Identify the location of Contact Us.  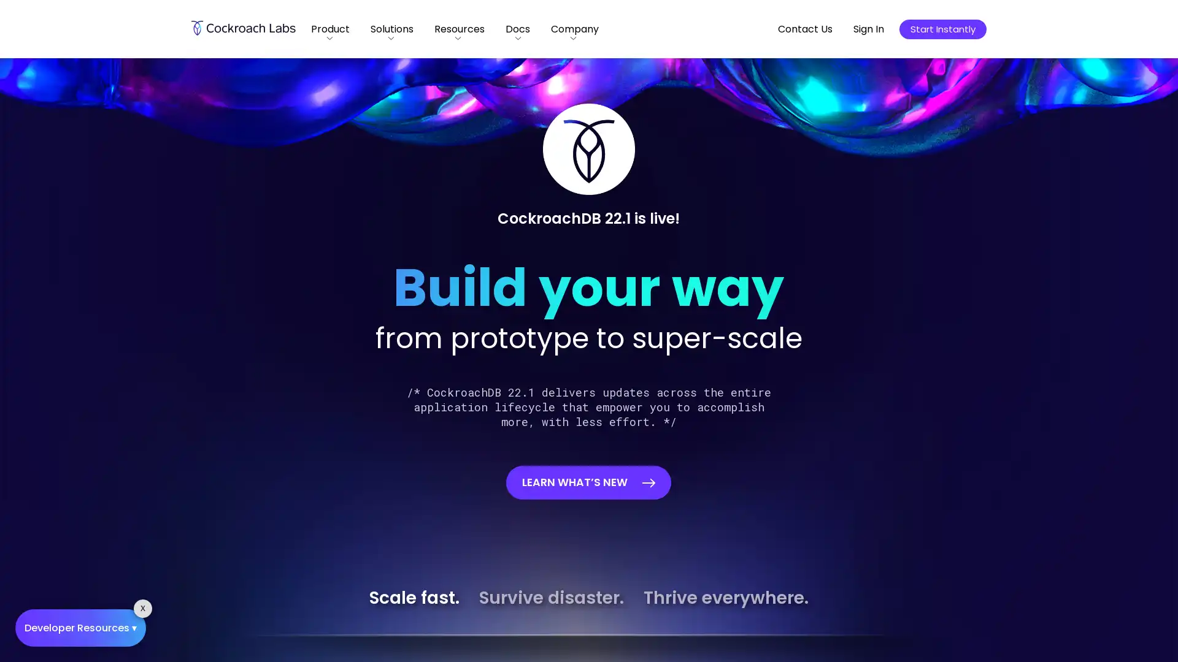
(805, 28).